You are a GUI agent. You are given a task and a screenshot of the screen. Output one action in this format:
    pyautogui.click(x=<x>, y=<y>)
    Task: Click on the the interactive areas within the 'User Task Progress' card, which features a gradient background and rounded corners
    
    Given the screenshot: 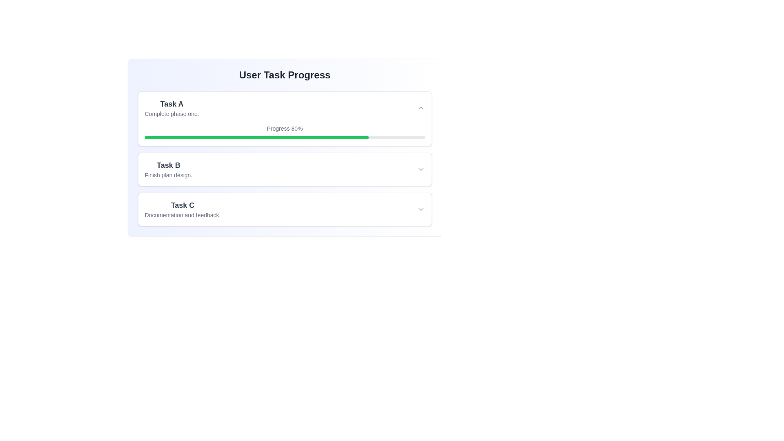 What is the action you would take?
    pyautogui.click(x=285, y=147)
    